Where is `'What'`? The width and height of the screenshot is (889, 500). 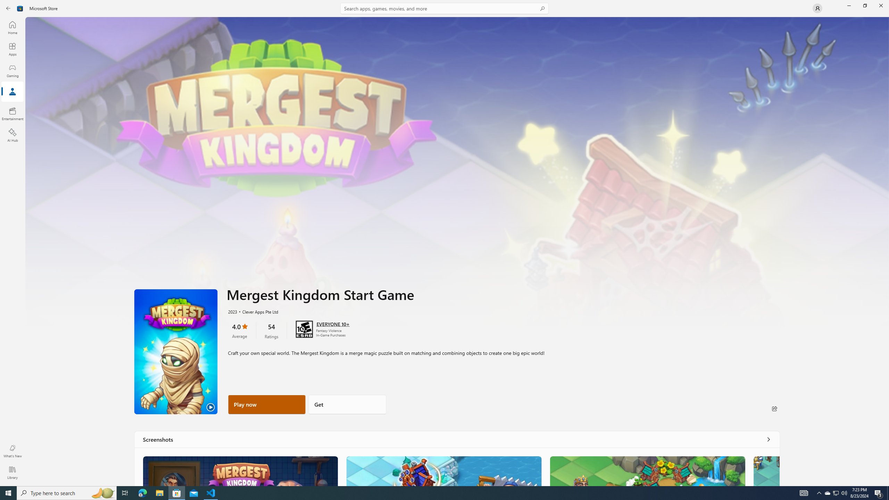 'What' is located at coordinates (12, 451).